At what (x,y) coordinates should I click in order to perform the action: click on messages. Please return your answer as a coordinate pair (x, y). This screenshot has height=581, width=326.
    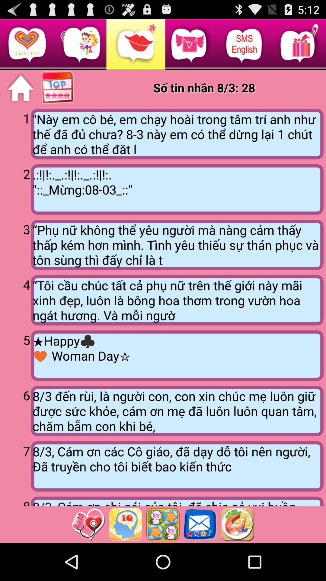
    Looking at the image, I should click on (200, 524).